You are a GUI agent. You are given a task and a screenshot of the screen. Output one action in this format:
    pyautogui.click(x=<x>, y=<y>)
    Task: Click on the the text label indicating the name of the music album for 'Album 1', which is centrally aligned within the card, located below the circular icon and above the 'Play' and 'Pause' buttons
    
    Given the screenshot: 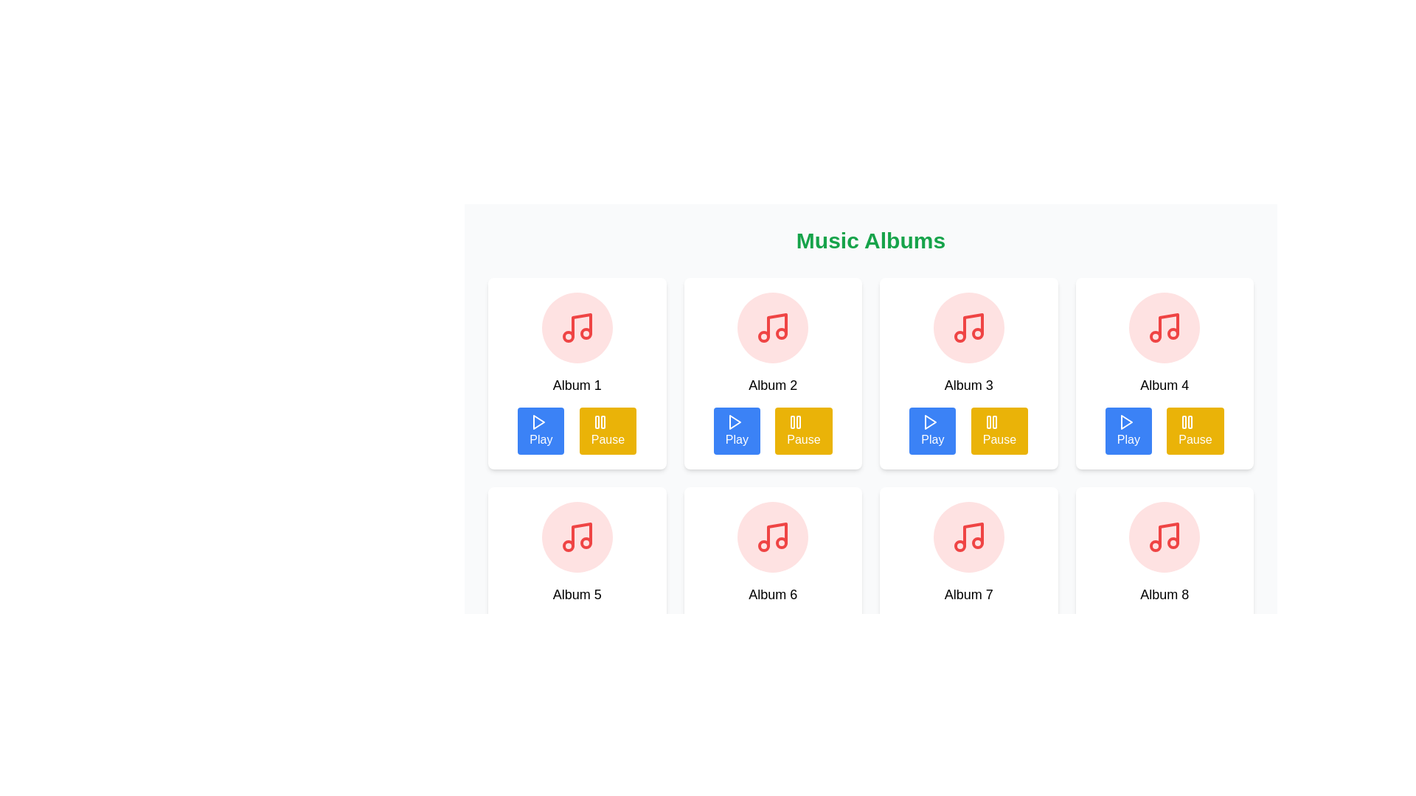 What is the action you would take?
    pyautogui.click(x=576, y=385)
    